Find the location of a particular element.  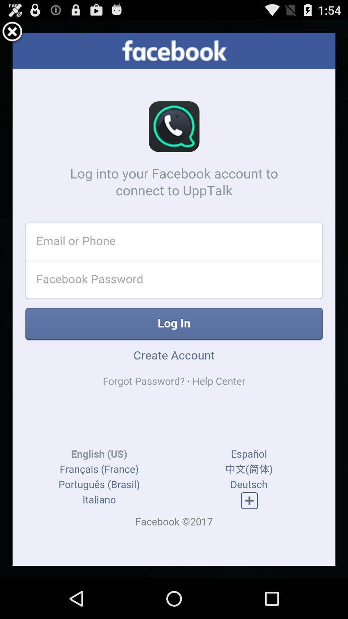

click close option is located at coordinates (12, 32).